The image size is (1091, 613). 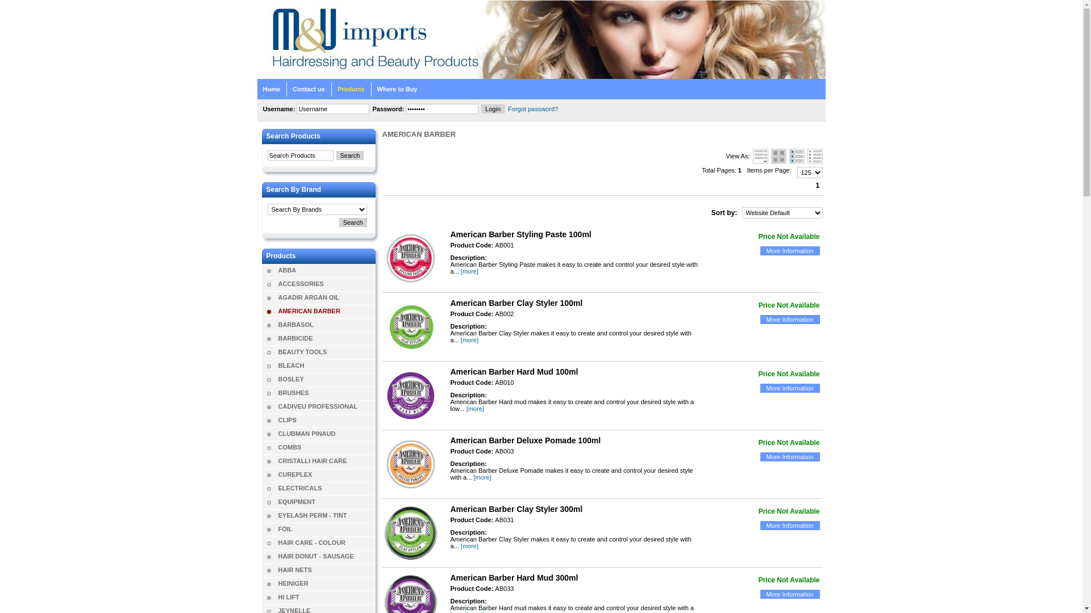 What do you see at coordinates (278, 501) in the screenshot?
I see `'EQUIPMENT'` at bounding box center [278, 501].